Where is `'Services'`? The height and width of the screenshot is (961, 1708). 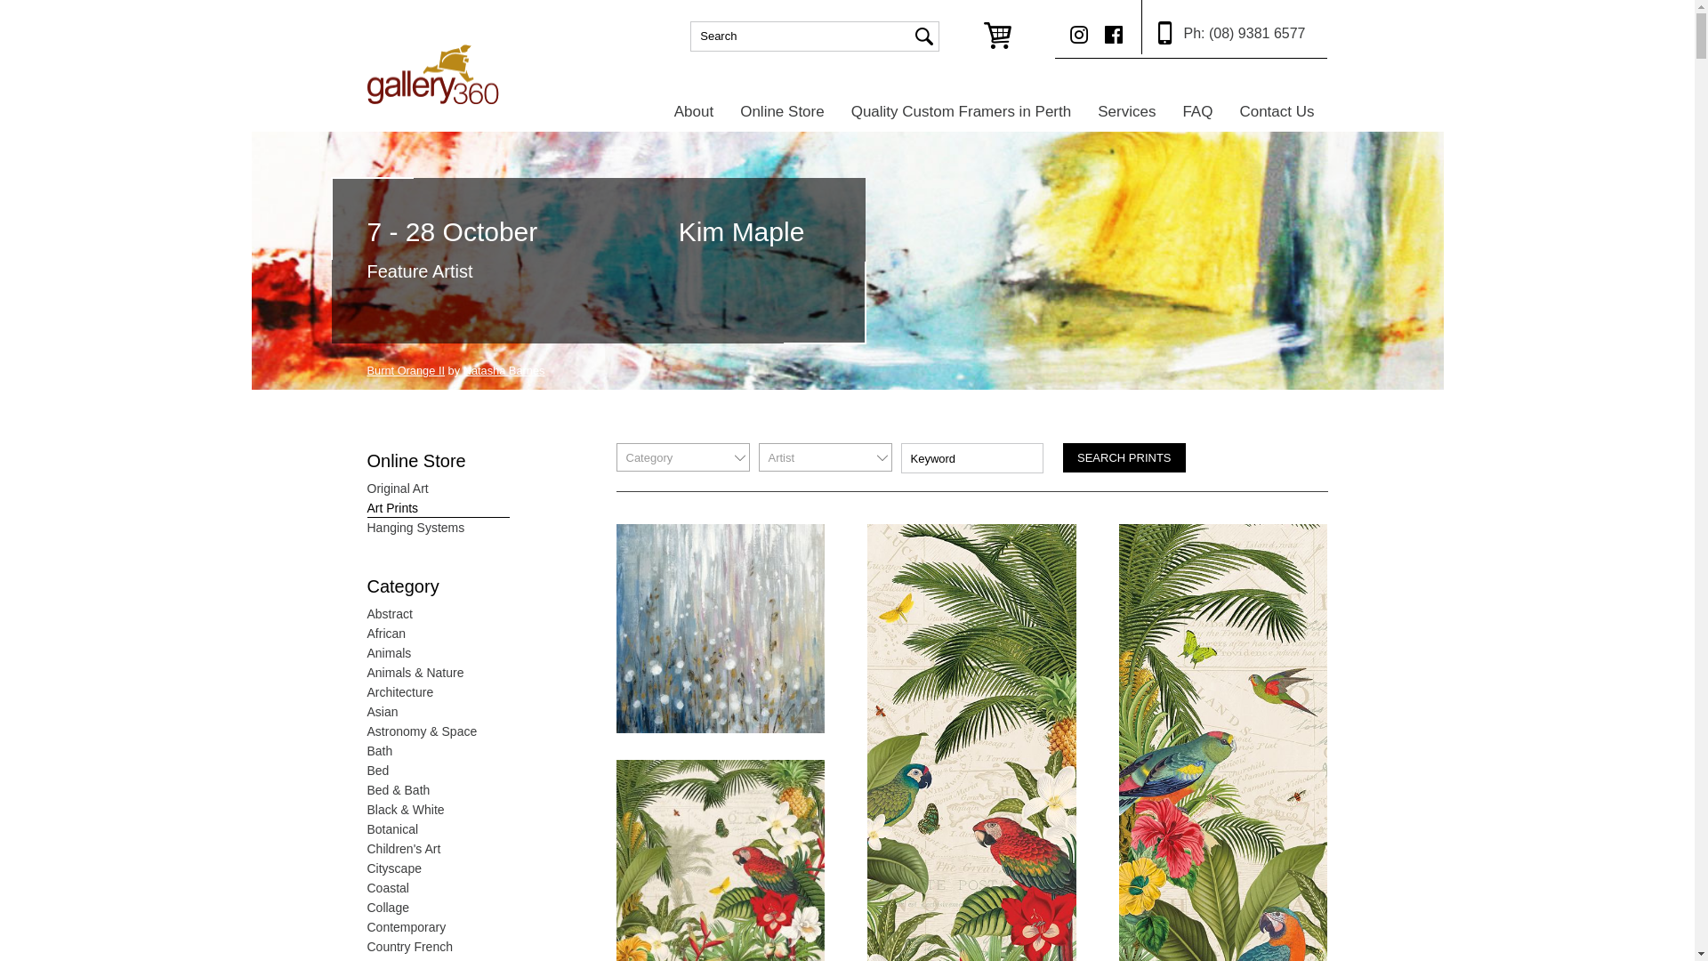 'Services' is located at coordinates (1084, 110).